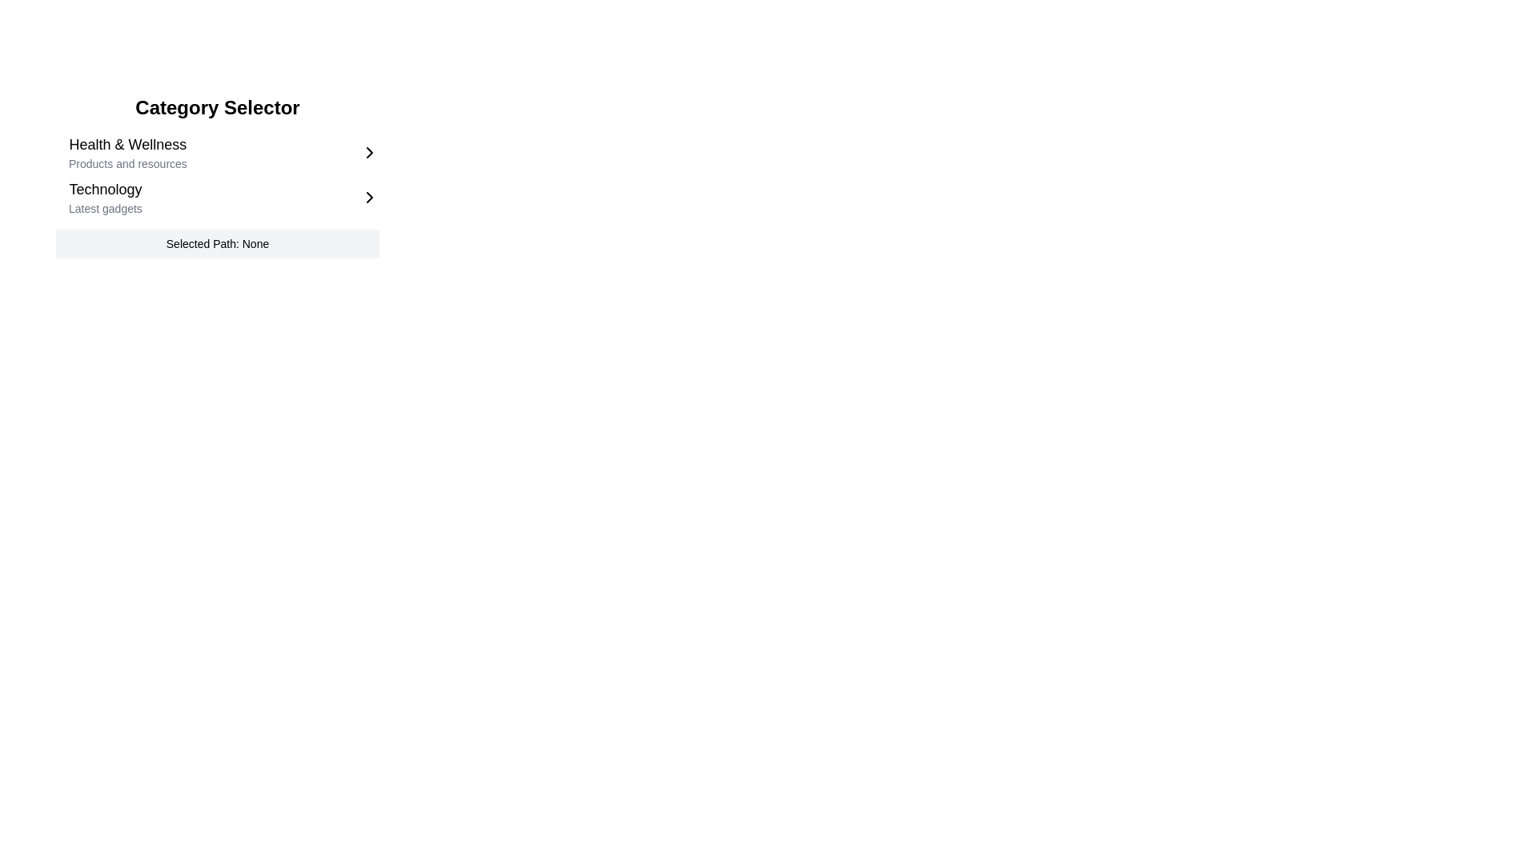 The height and width of the screenshot is (864, 1537). Describe the element at coordinates (217, 175) in the screenshot. I see `the category entry in the Category Selector panel` at that location.